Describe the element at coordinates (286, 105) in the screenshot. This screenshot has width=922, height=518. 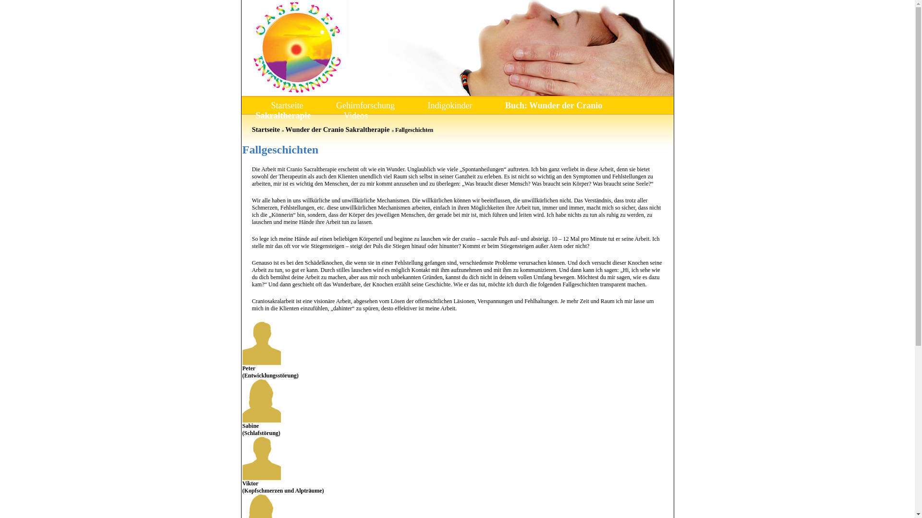
I see `'Startseite'` at that location.